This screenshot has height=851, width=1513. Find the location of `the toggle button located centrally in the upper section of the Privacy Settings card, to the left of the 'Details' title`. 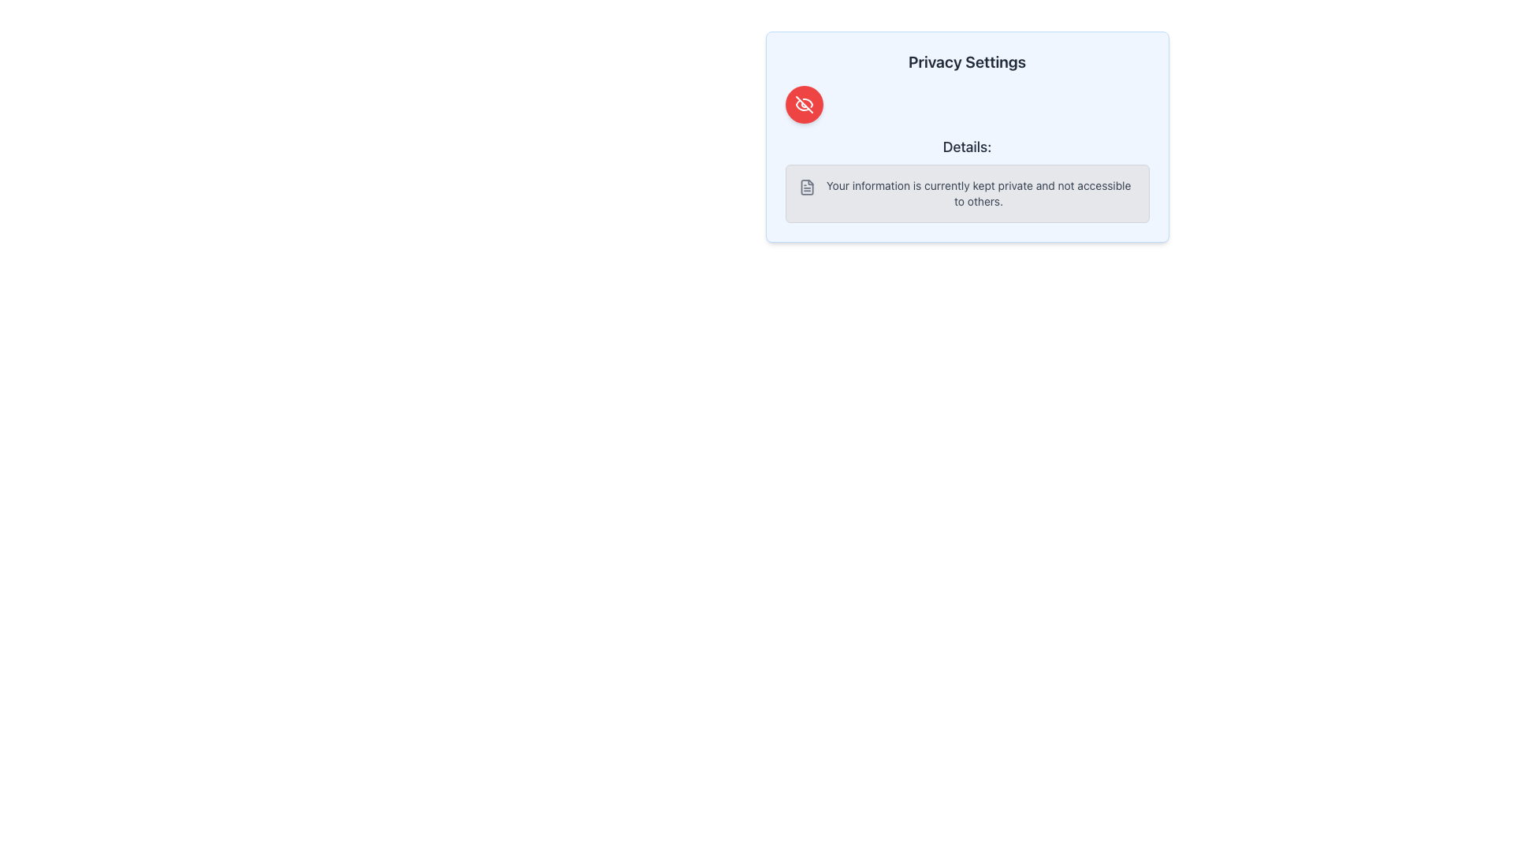

the toggle button located centrally in the upper section of the Privacy Settings card, to the left of the 'Details' title is located at coordinates (804, 104).